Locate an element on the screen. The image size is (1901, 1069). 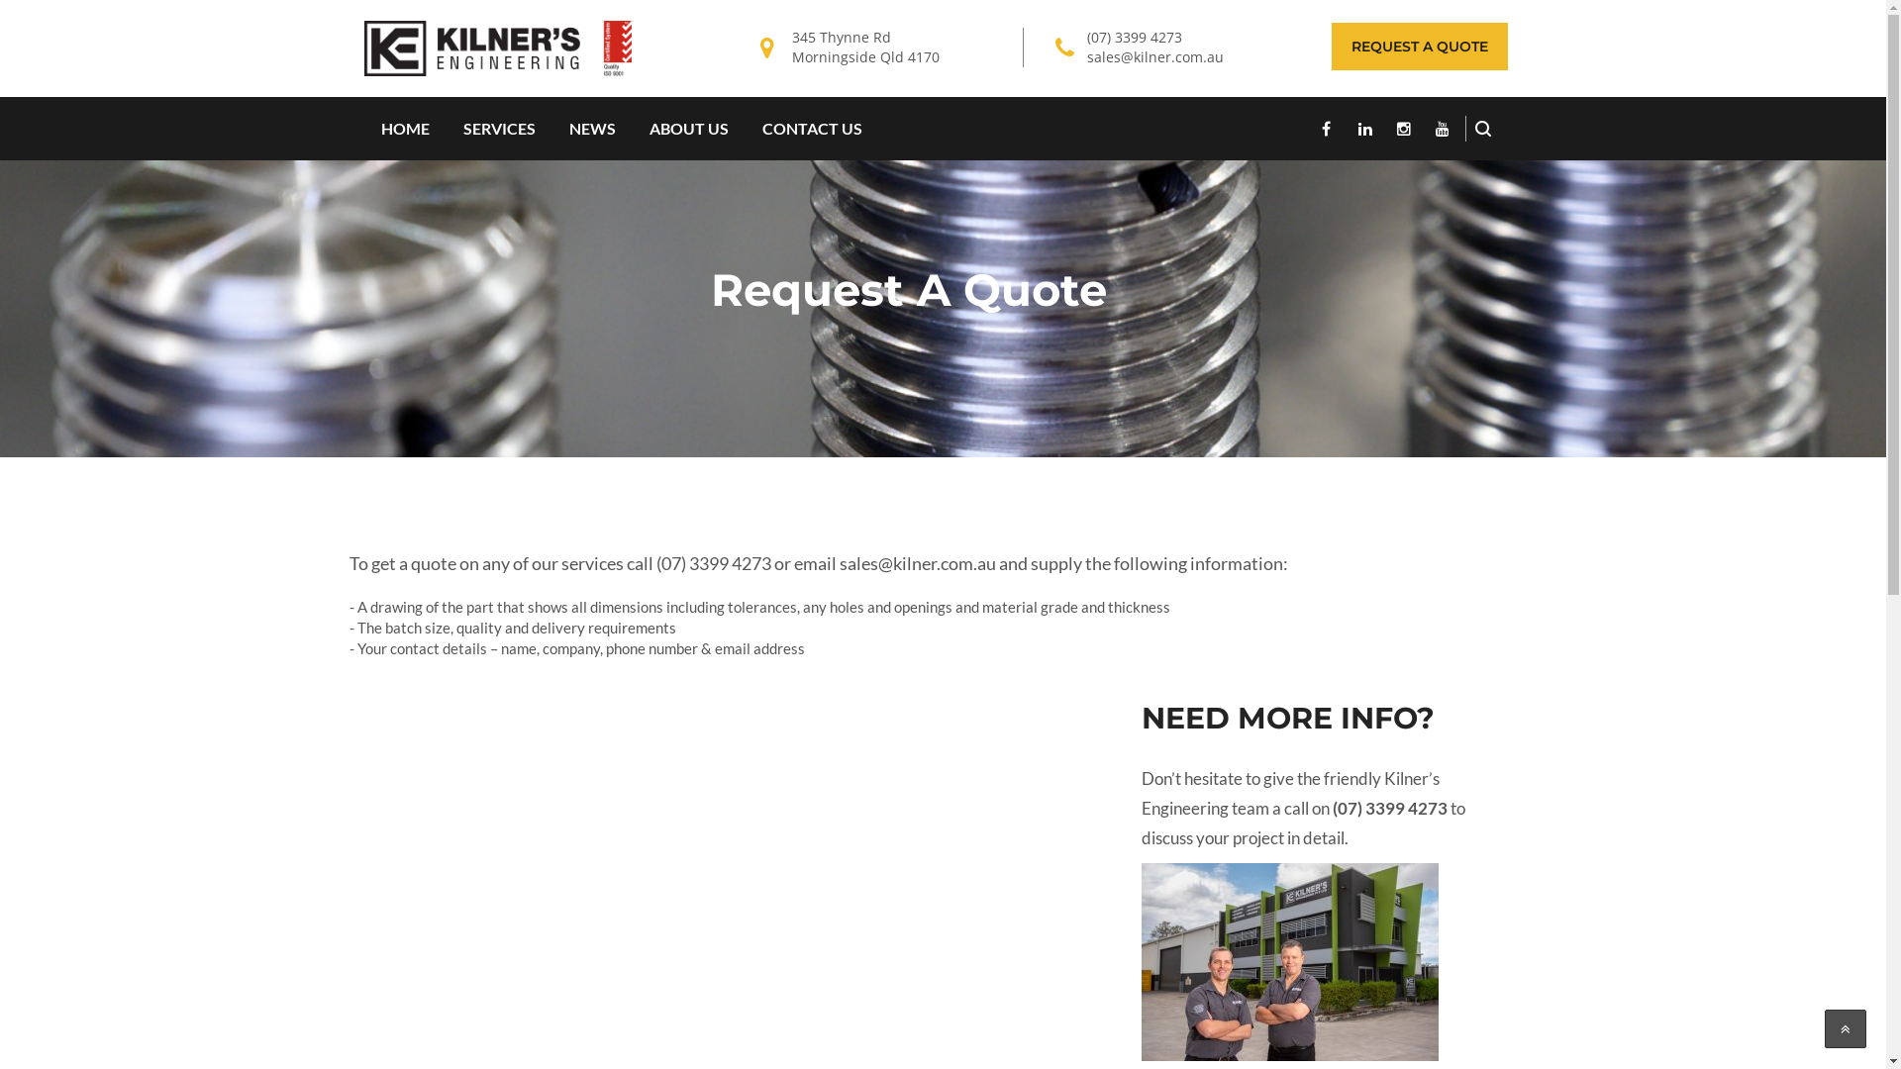
'SERVICES' is located at coordinates (498, 129).